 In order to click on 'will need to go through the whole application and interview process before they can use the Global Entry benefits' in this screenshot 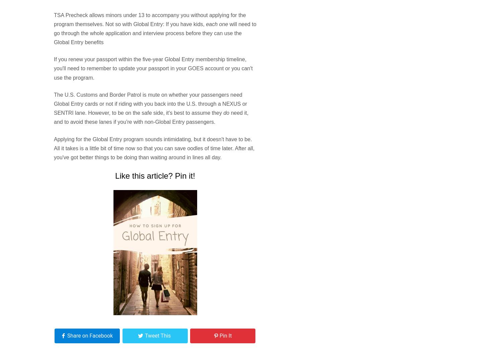, I will do `click(53, 33)`.